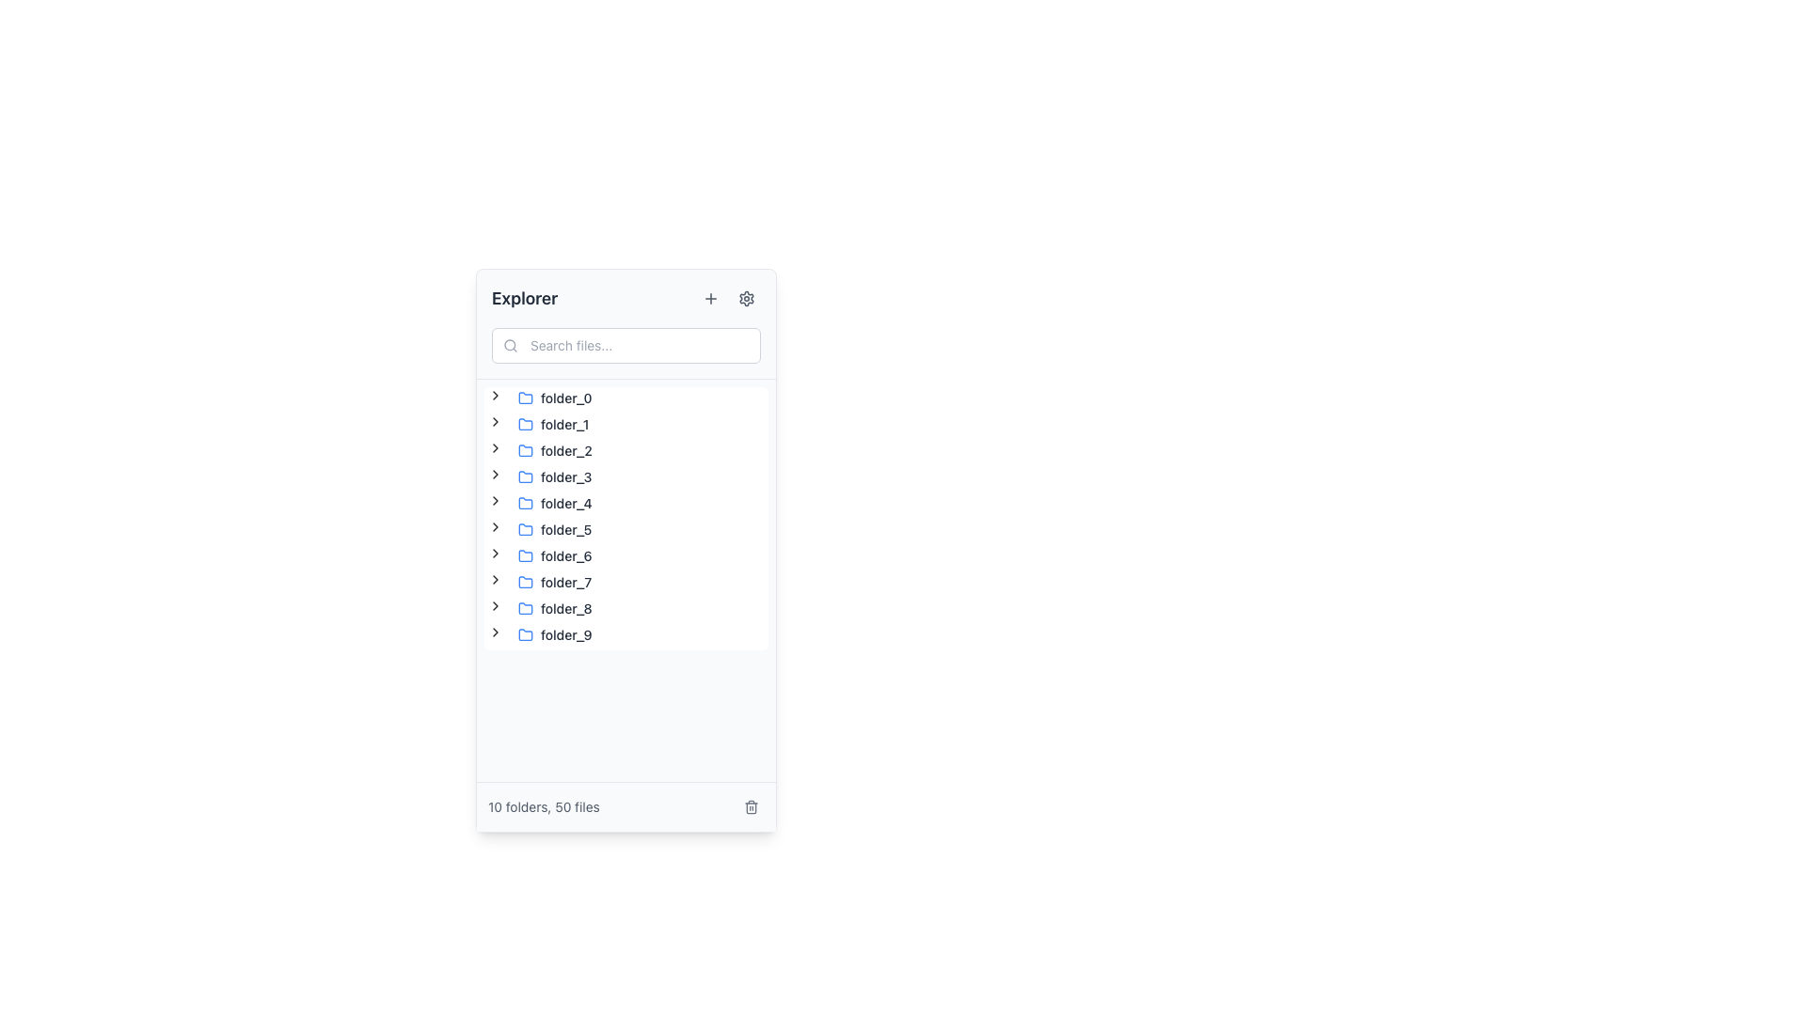  What do you see at coordinates (554, 554) in the screenshot?
I see `the folder icon and text in the file explorer interface` at bounding box center [554, 554].